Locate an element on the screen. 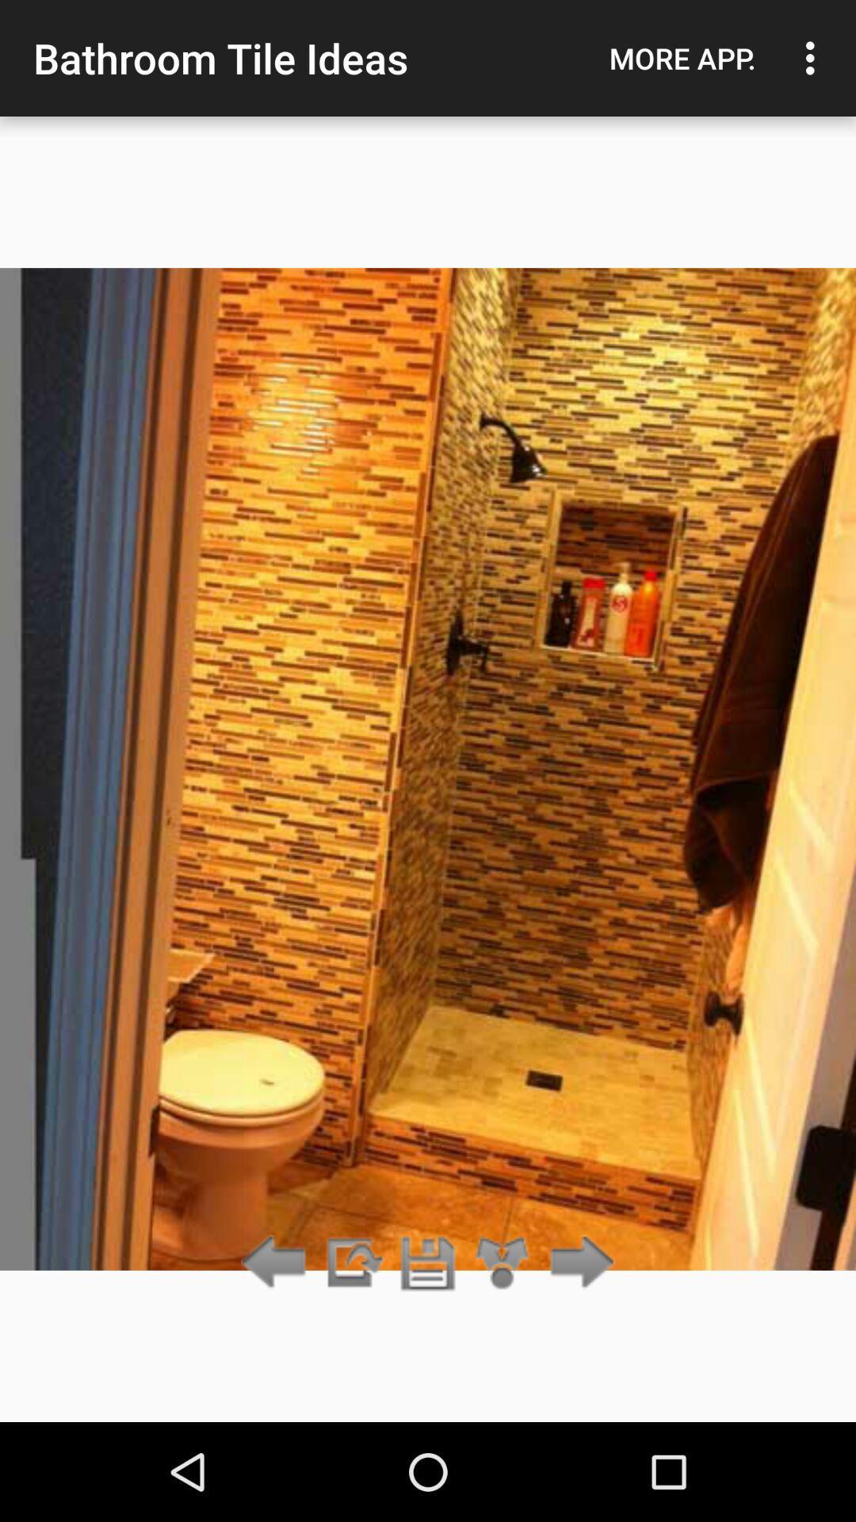 This screenshot has width=856, height=1522. icon below bathroom tile ideas icon is located at coordinates (352, 1263).